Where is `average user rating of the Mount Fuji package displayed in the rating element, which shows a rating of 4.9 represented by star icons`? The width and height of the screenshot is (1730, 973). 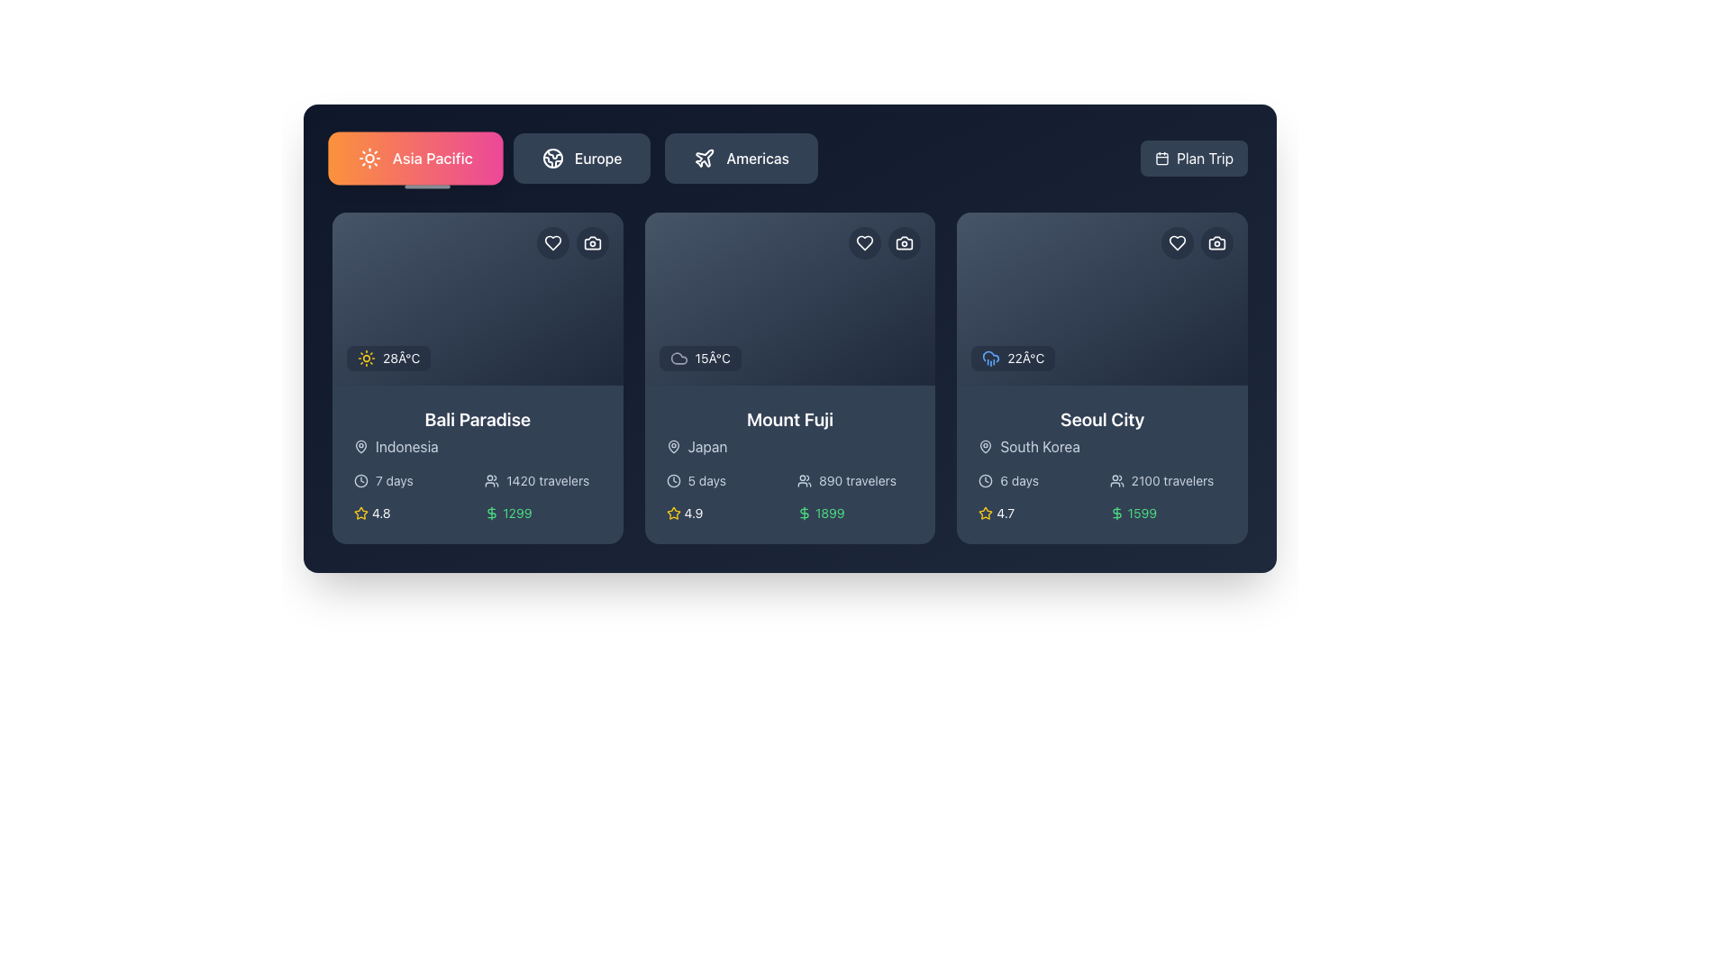 average user rating of the Mount Fuji package displayed in the rating element, which shows a rating of 4.9 represented by star icons is located at coordinates (724, 514).